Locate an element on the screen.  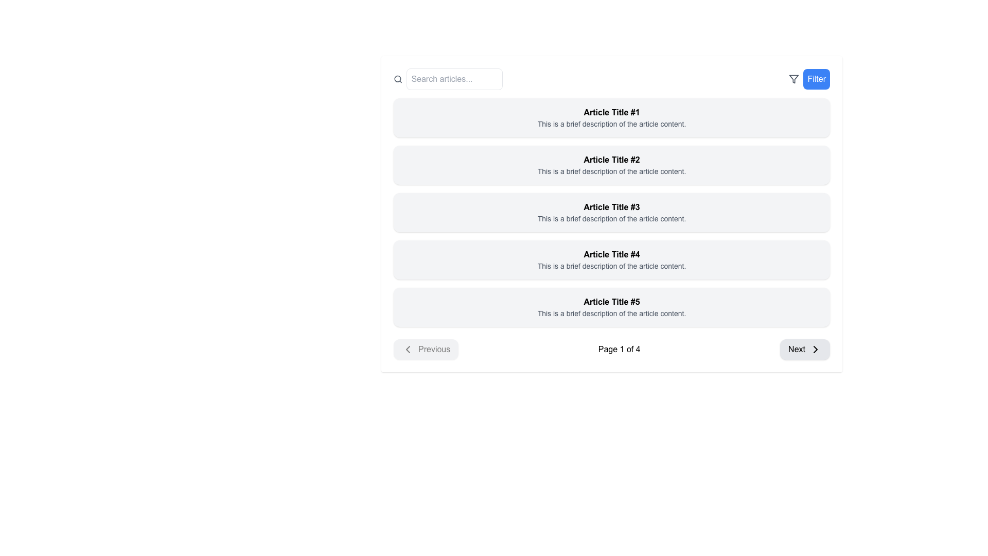
the chevron icon located within the 'Next' button in the bottom-right corner of the application interface is located at coordinates (815, 349).